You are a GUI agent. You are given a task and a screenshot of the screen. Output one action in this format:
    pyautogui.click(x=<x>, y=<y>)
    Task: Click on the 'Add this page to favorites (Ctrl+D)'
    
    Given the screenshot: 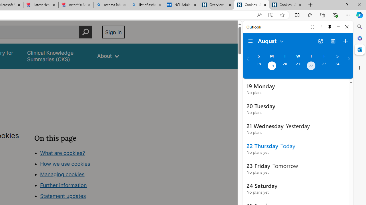 What is the action you would take?
    pyautogui.click(x=282, y=15)
    